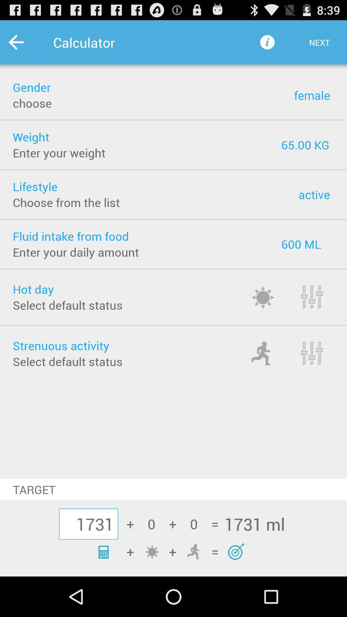 This screenshot has height=617, width=347. I want to click on the sliders icon, so click(320, 378).